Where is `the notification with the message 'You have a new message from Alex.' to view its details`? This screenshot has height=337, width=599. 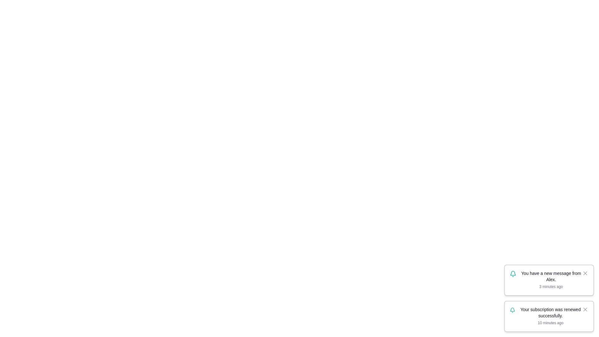
the notification with the message 'You have a new message from Alex.' to view its details is located at coordinates (549, 280).